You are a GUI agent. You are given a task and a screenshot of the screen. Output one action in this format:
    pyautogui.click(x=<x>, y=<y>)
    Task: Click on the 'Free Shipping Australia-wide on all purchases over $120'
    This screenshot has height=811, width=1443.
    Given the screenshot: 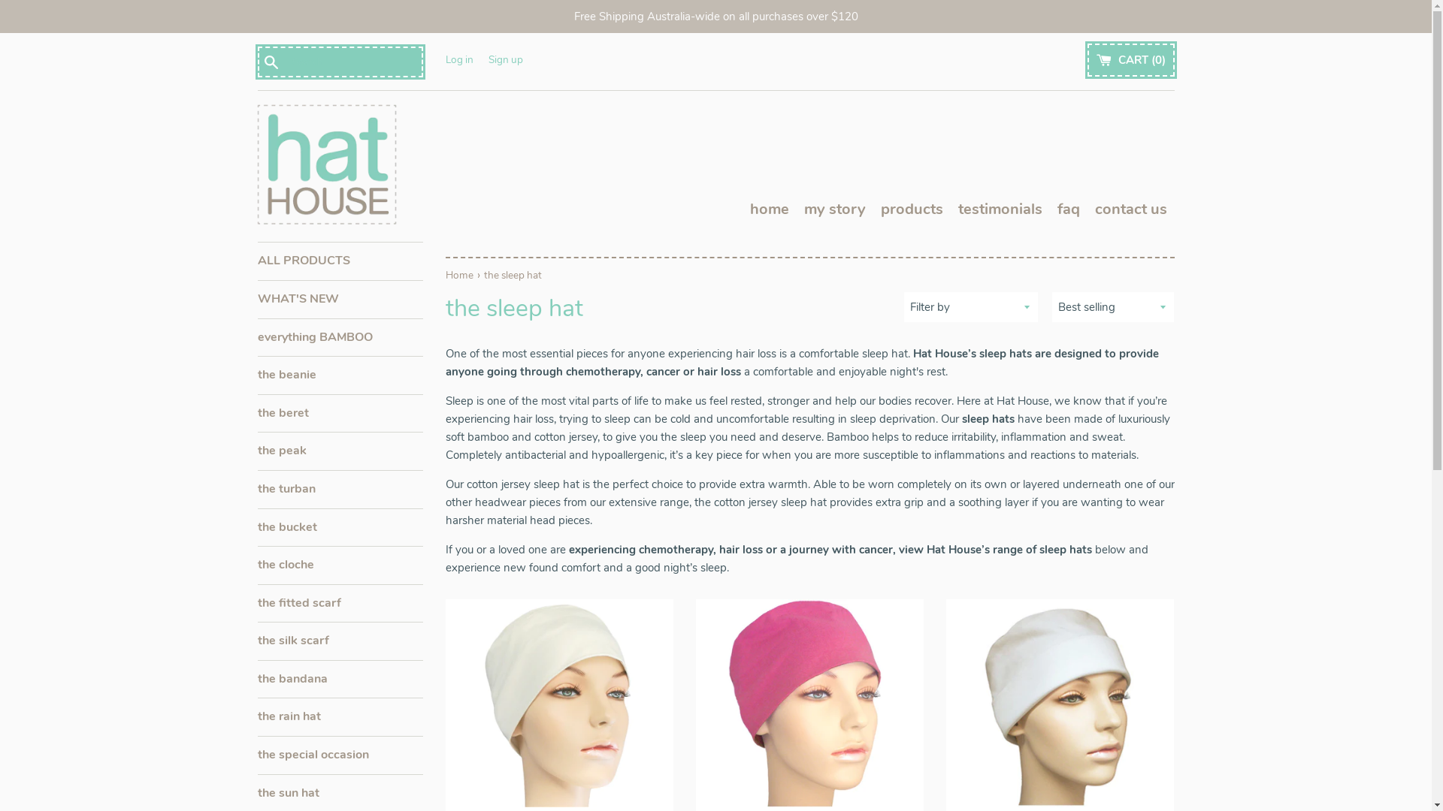 What is the action you would take?
    pyautogui.click(x=715, y=17)
    